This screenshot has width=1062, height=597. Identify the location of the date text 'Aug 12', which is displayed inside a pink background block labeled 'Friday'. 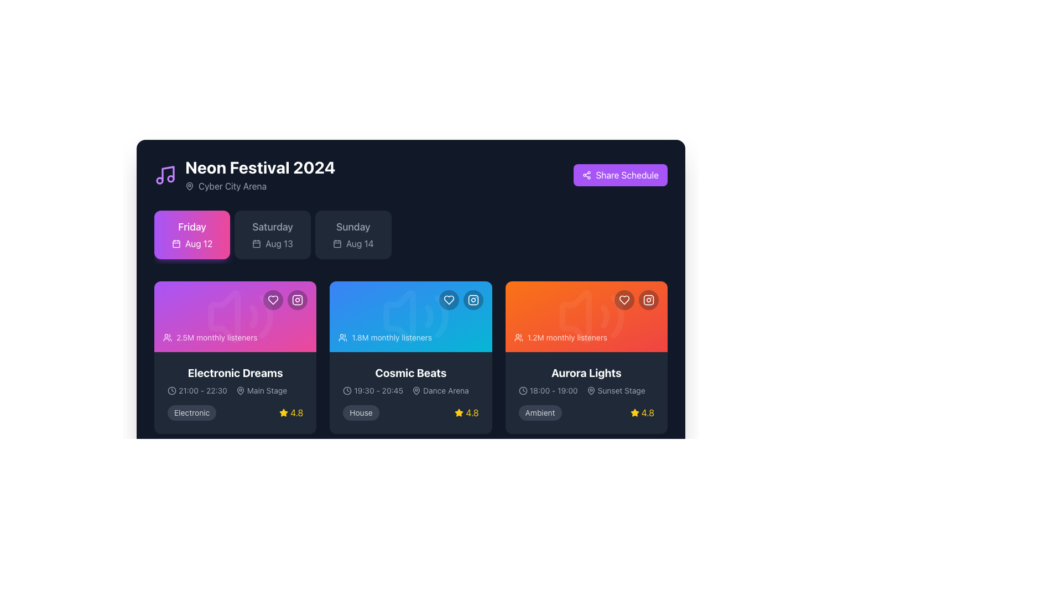
(199, 243).